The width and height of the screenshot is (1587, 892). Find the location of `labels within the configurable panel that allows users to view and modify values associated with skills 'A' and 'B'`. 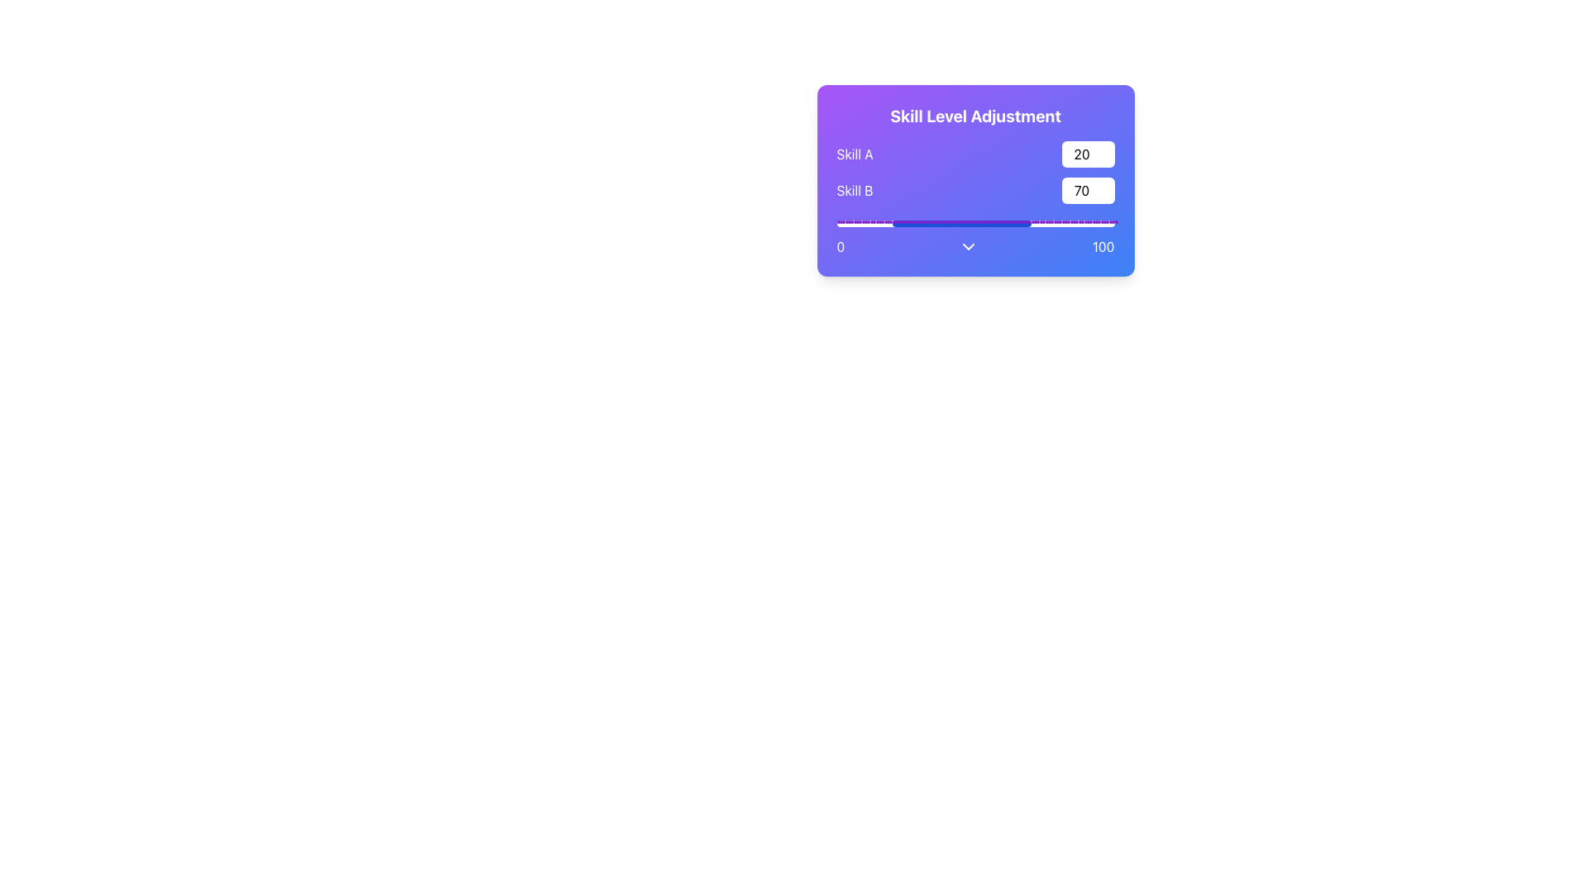

labels within the configurable panel that allows users to view and modify values associated with skills 'A' and 'B' is located at coordinates (975, 181).